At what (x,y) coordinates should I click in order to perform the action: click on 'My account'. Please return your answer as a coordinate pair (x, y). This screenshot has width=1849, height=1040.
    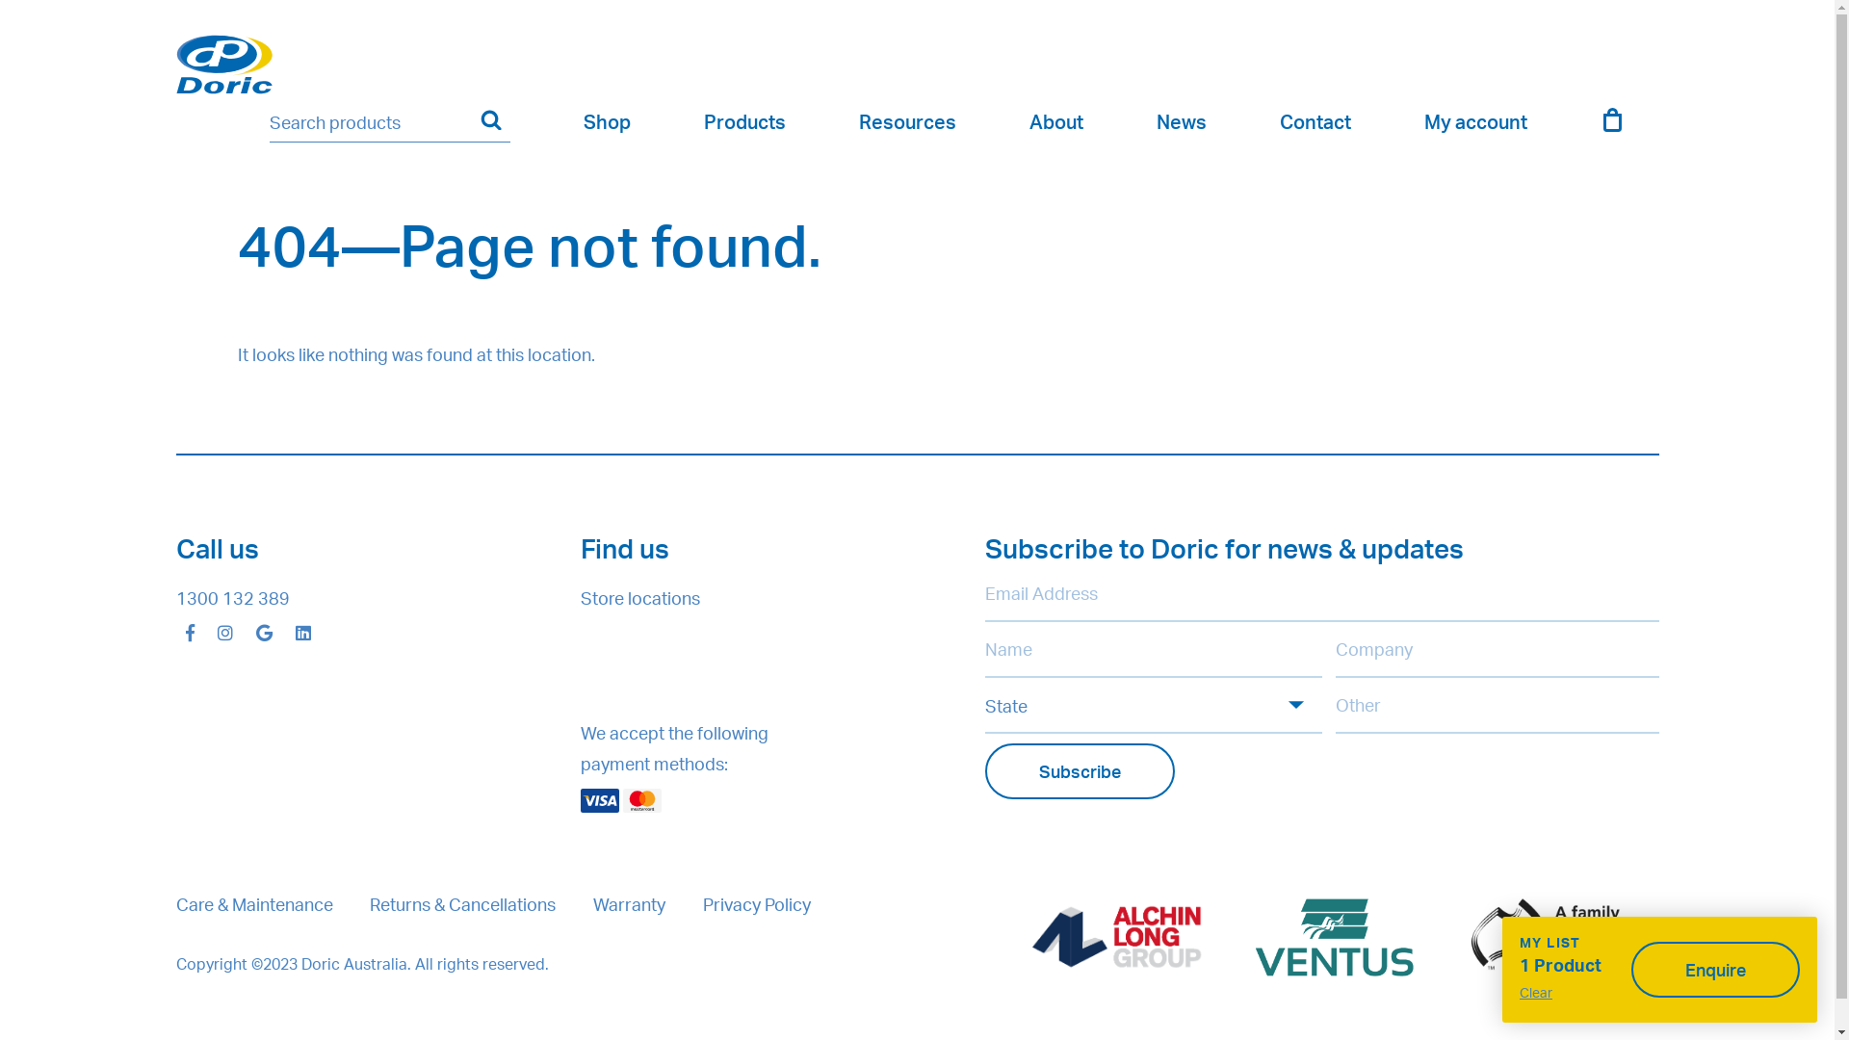
    Looking at the image, I should click on (1474, 122).